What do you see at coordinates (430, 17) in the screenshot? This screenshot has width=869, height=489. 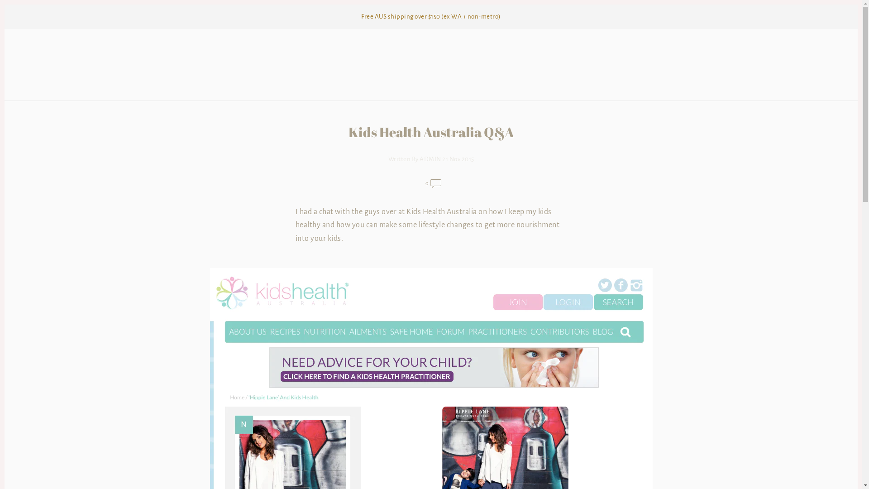 I see `'Free AUS shipping over $150 (ex WA + non-metro)'` at bounding box center [430, 17].